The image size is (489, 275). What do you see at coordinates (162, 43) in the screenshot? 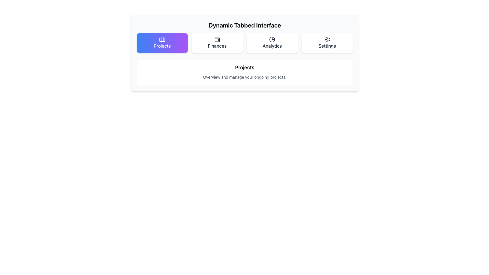
I see `the 'Projects' button that features a suitcase icon and is located in the top-left section of the horizontal menu bar` at bounding box center [162, 43].